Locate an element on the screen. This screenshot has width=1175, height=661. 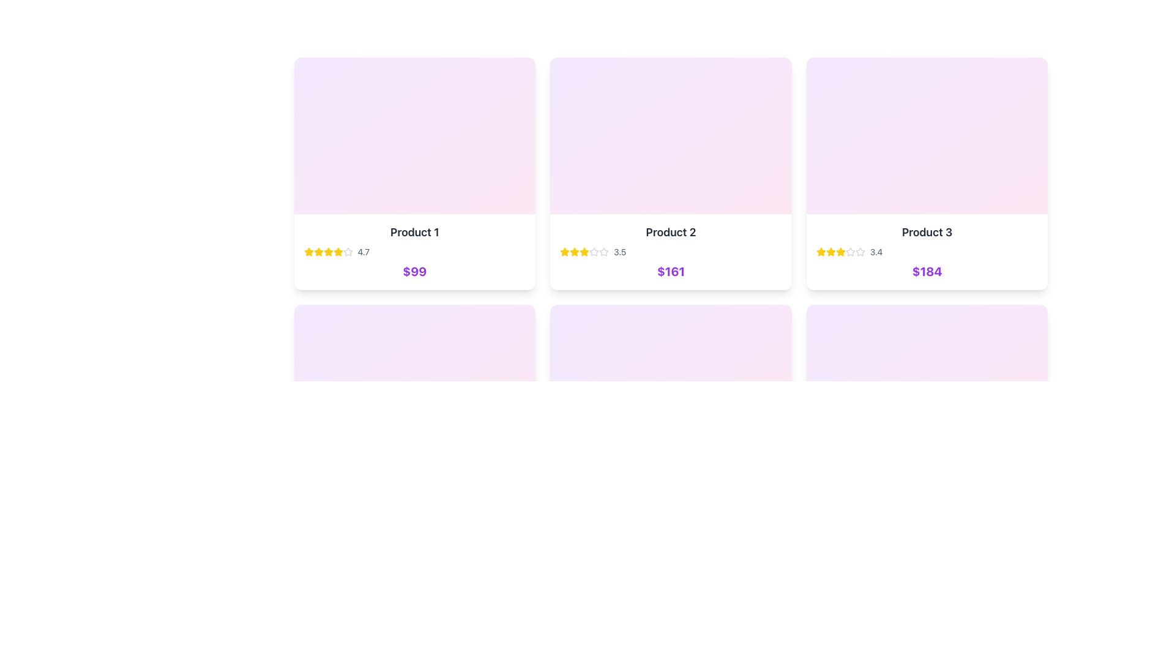
the state of the first star in the 3.5-star rating for 'Product 2', located above the product price '$161' is located at coordinates (564, 252).